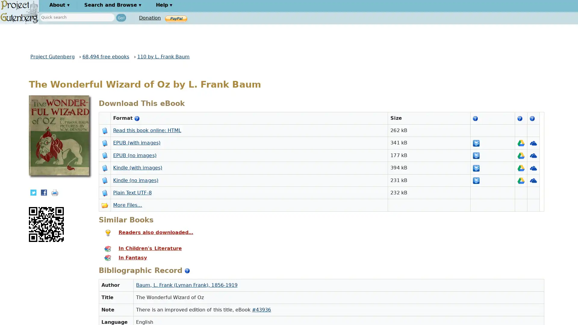 The width and height of the screenshot is (578, 325). What do you see at coordinates (121, 17) in the screenshot?
I see `Go!` at bounding box center [121, 17].